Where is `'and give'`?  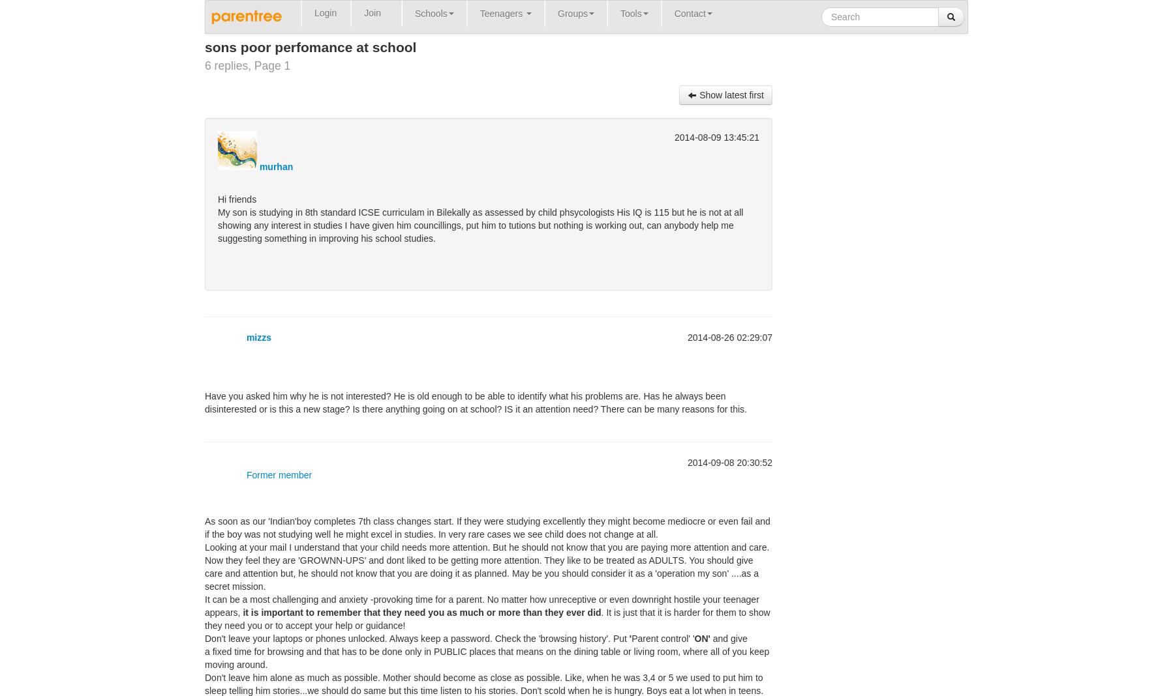
'and give' is located at coordinates (729, 638).